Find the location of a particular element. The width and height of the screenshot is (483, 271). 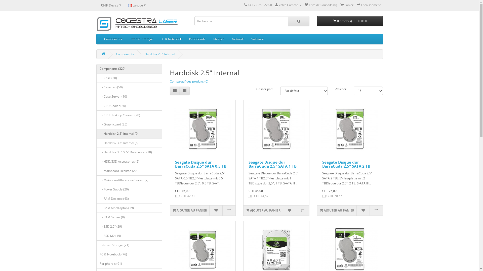

'   - Case Server (10)' is located at coordinates (129, 97).